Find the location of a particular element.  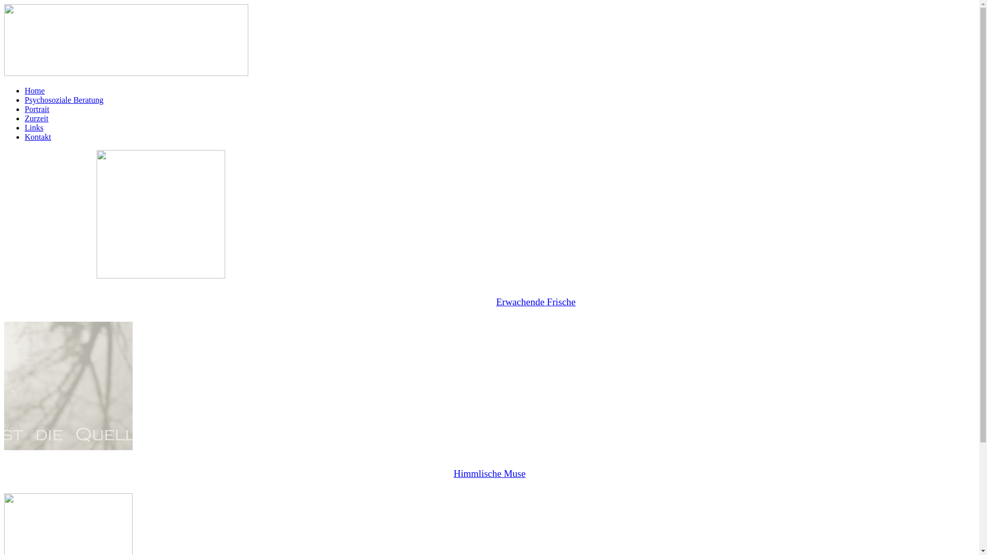

'Erwachende Frische' is located at coordinates (535, 301).